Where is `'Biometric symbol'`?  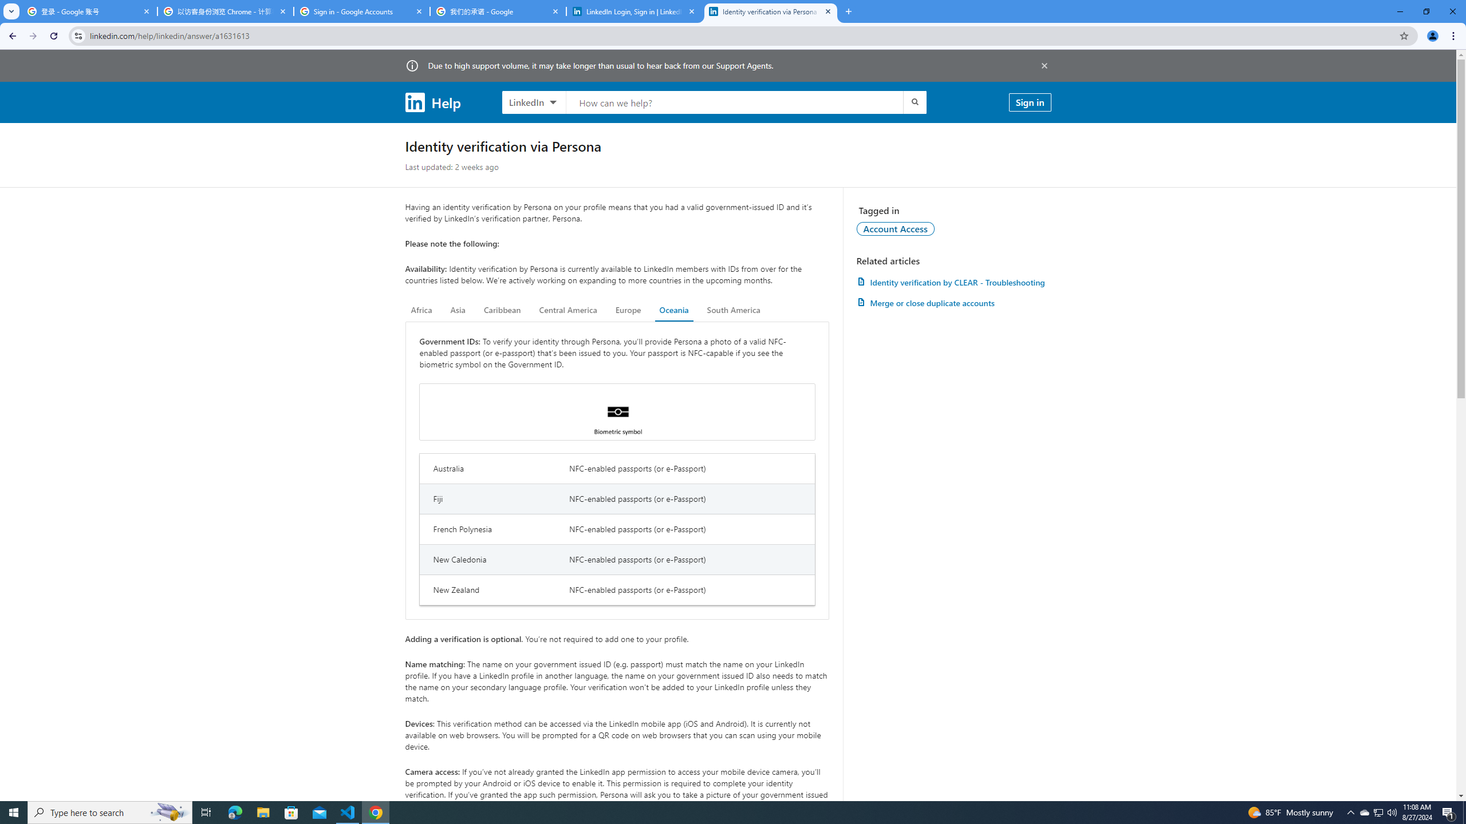
'Biometric symbol' is located at coordinates (616, 412).